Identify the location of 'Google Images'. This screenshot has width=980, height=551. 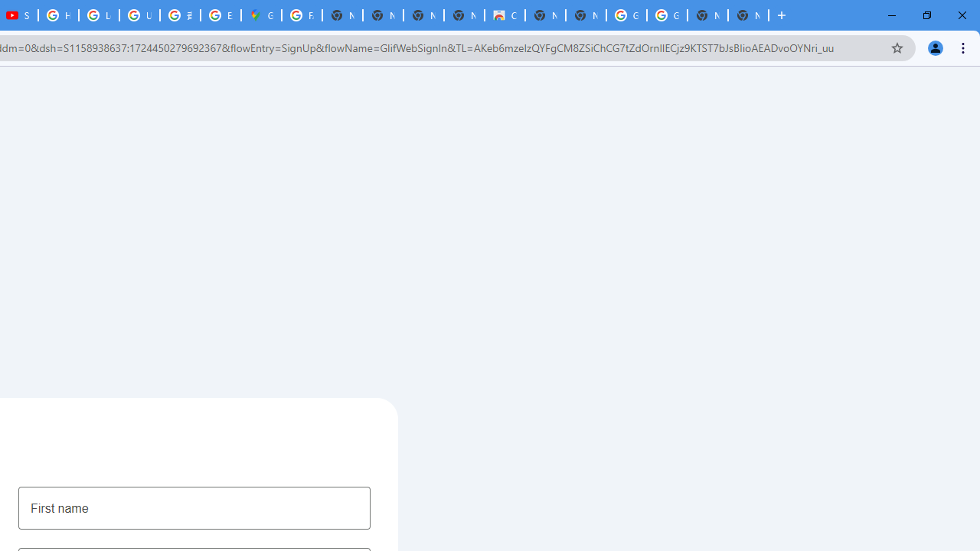
(626, 15).